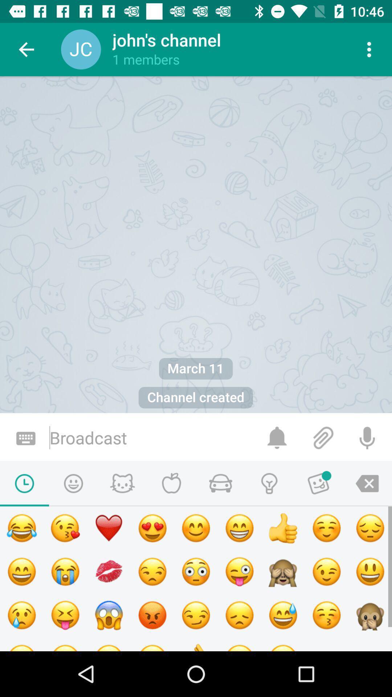 The height and width of the screenshot is (697, 392). I want to click on the emoji icon, so click(65, 528).